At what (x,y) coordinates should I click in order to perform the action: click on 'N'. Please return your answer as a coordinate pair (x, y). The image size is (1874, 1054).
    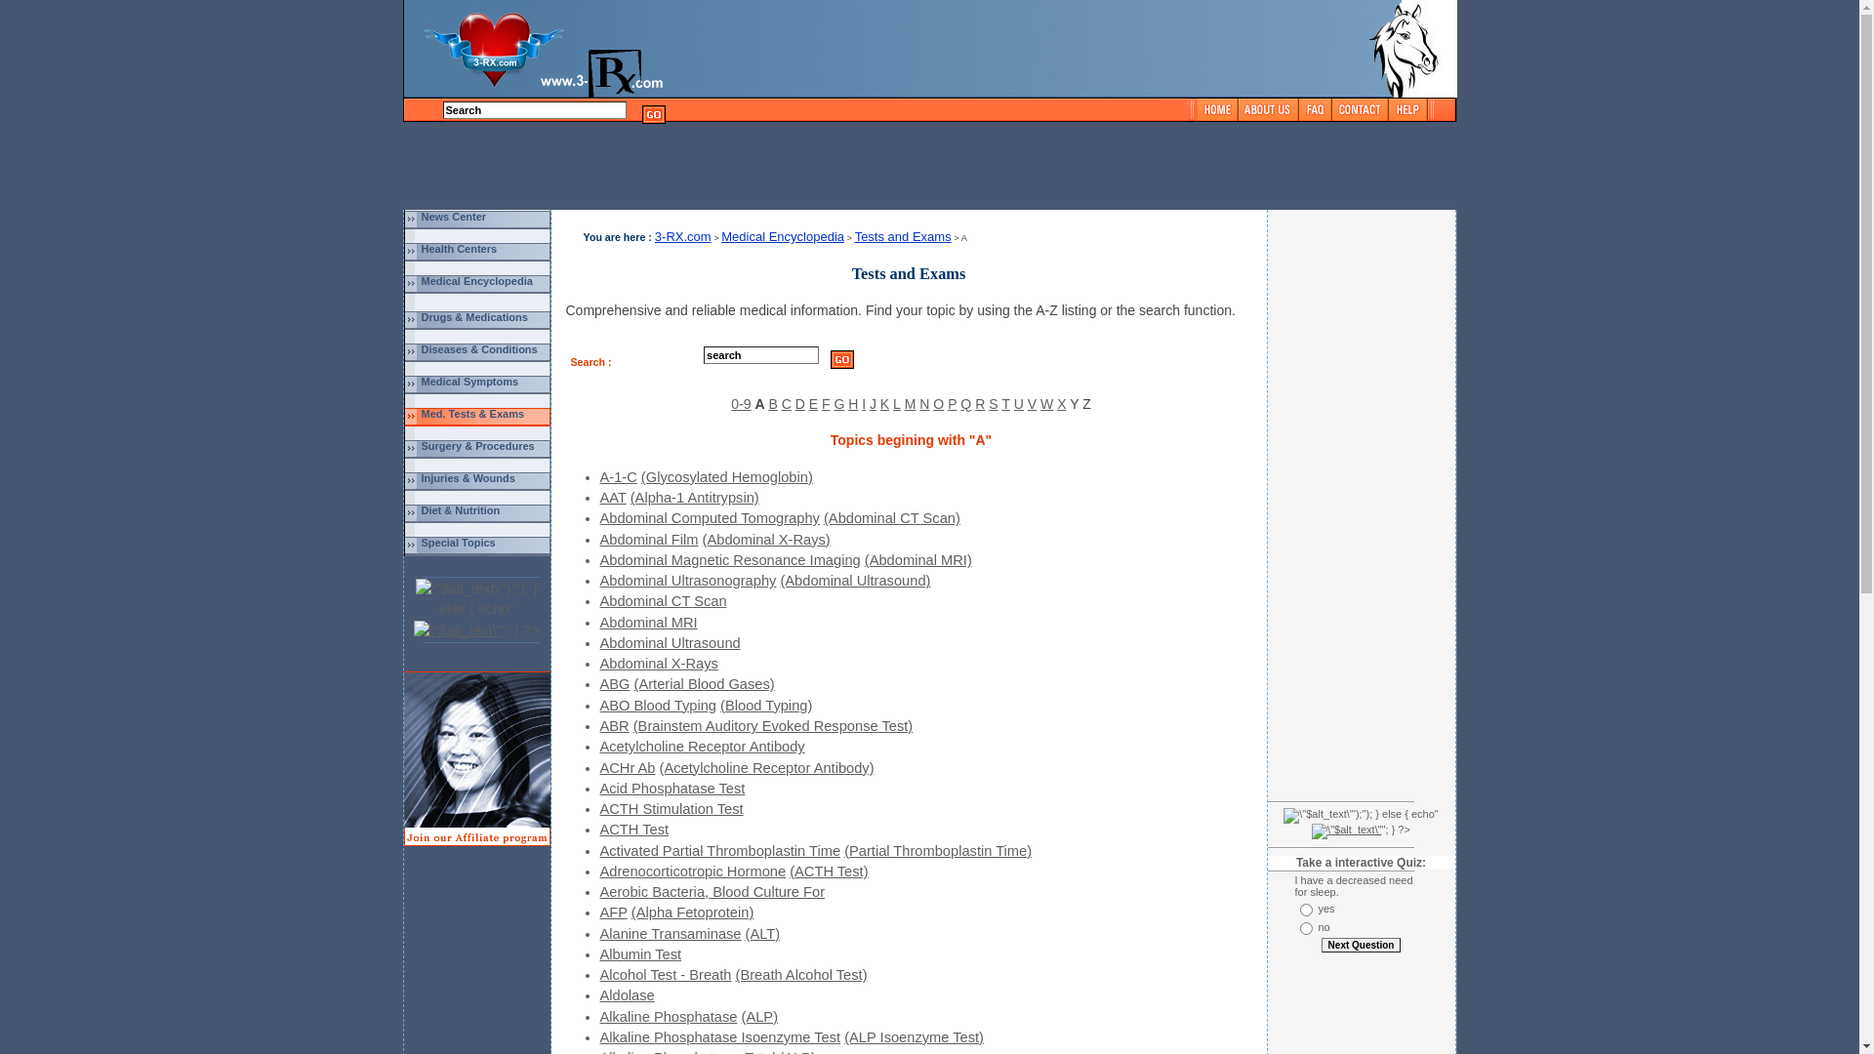
    Looking at the image, I should click on (922, 402).